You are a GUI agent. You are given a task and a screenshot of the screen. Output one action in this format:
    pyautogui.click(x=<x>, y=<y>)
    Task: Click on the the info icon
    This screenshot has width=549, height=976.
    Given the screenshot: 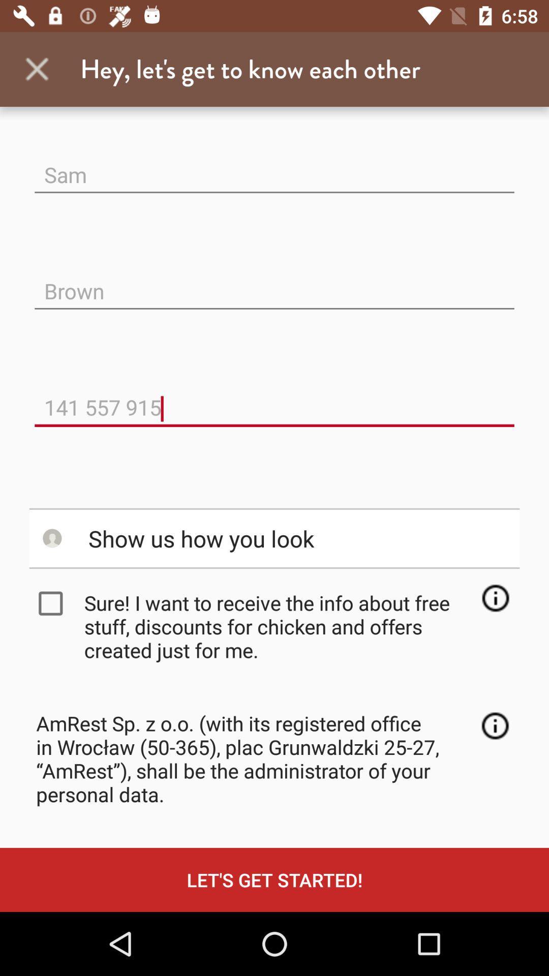 What is the action you would take?
    pyautogui.click(x=495, y=598)
    